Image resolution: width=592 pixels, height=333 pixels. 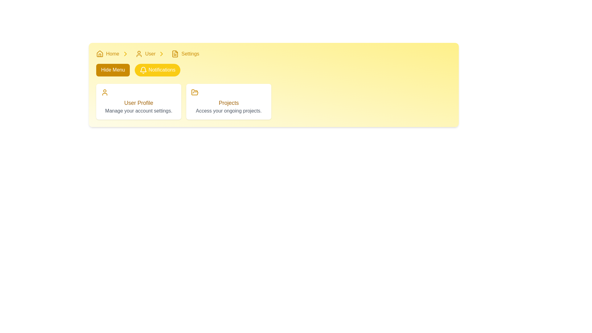 I want to click on description of the second card component located in the grid layout, which provides access to ongoing projects, so click(x=228, y=101).